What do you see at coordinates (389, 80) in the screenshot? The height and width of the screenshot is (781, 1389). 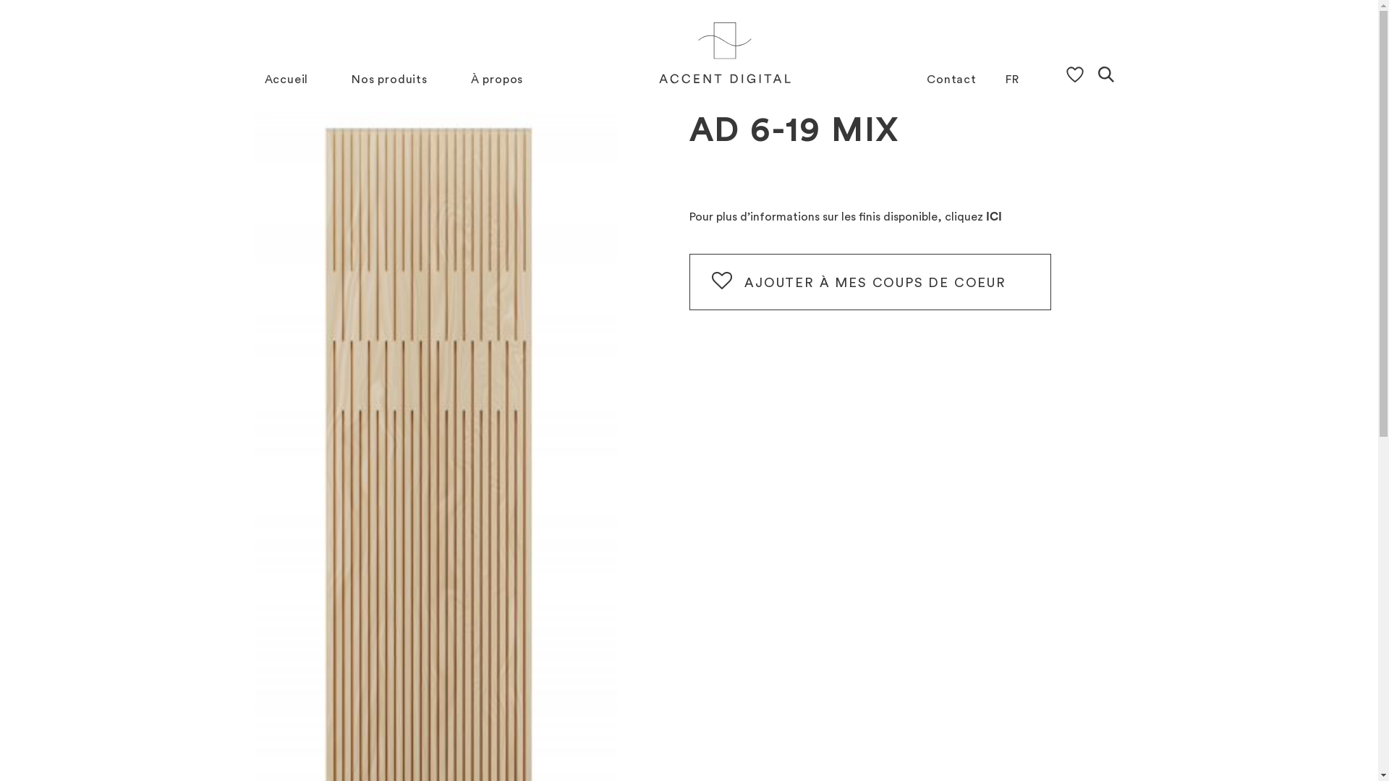 I see `'Nos produits'` at bounding box center [389, 80].